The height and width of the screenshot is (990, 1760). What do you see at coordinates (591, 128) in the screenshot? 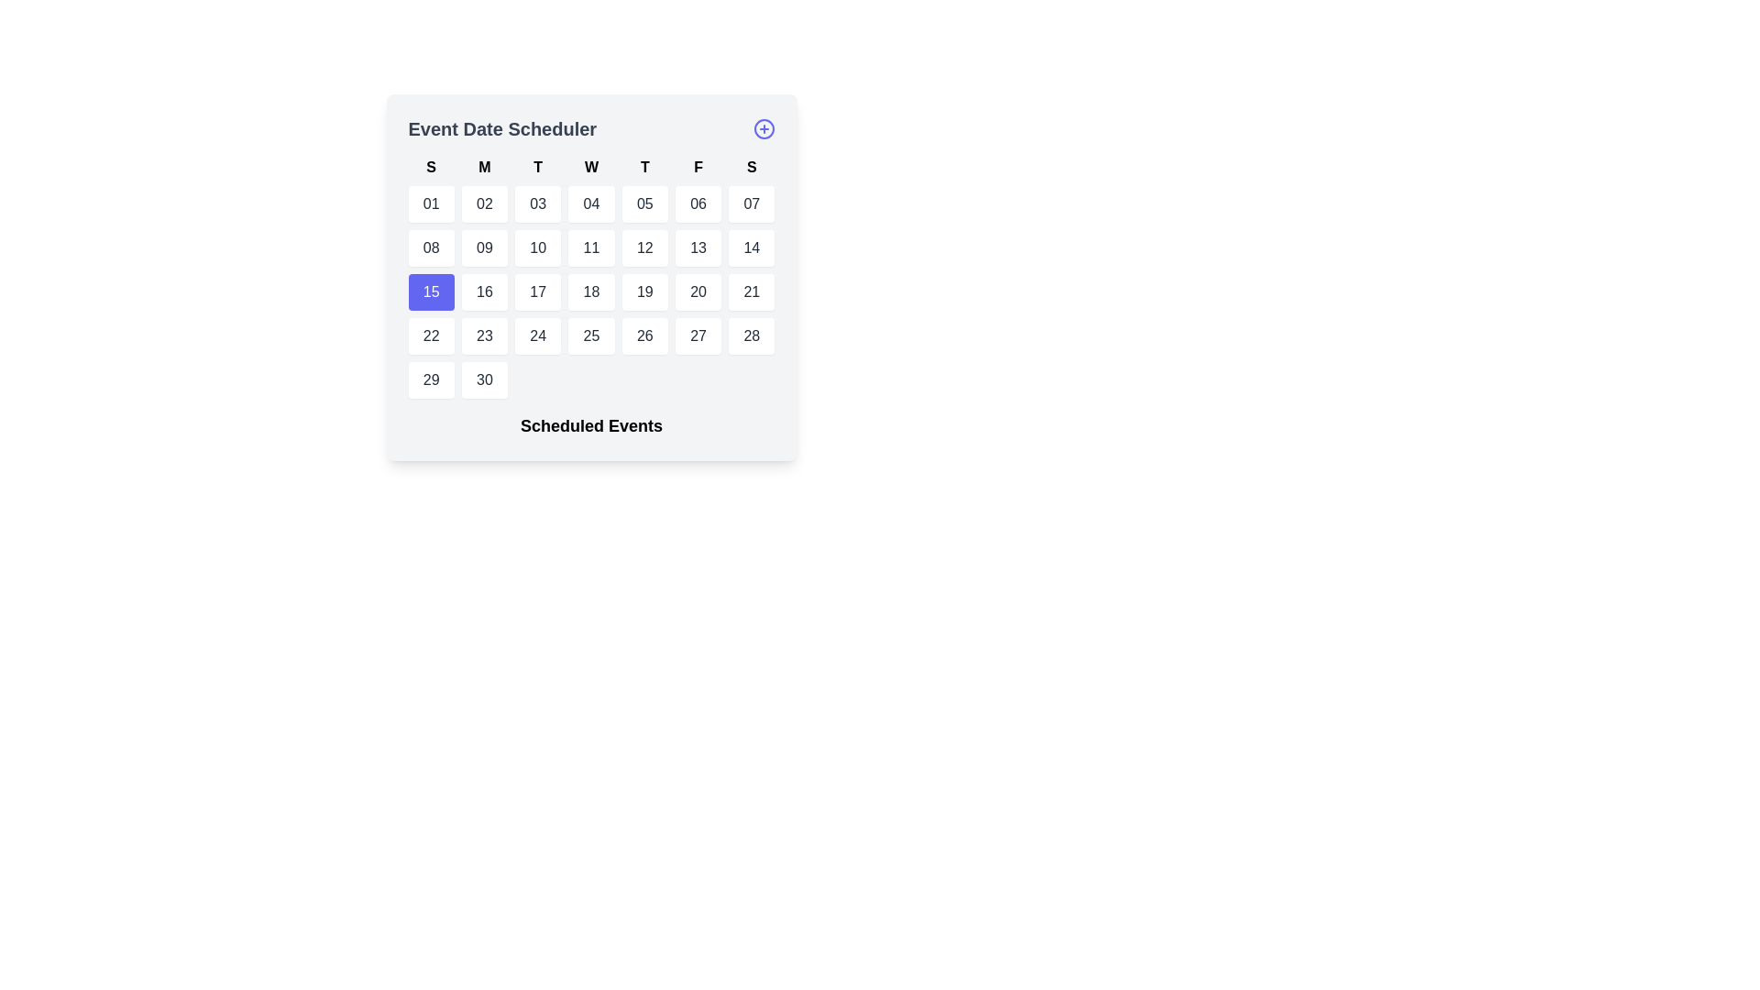
I see `the header element with the text 'Event Date Scheduler'` at bounding box center [591, 128].